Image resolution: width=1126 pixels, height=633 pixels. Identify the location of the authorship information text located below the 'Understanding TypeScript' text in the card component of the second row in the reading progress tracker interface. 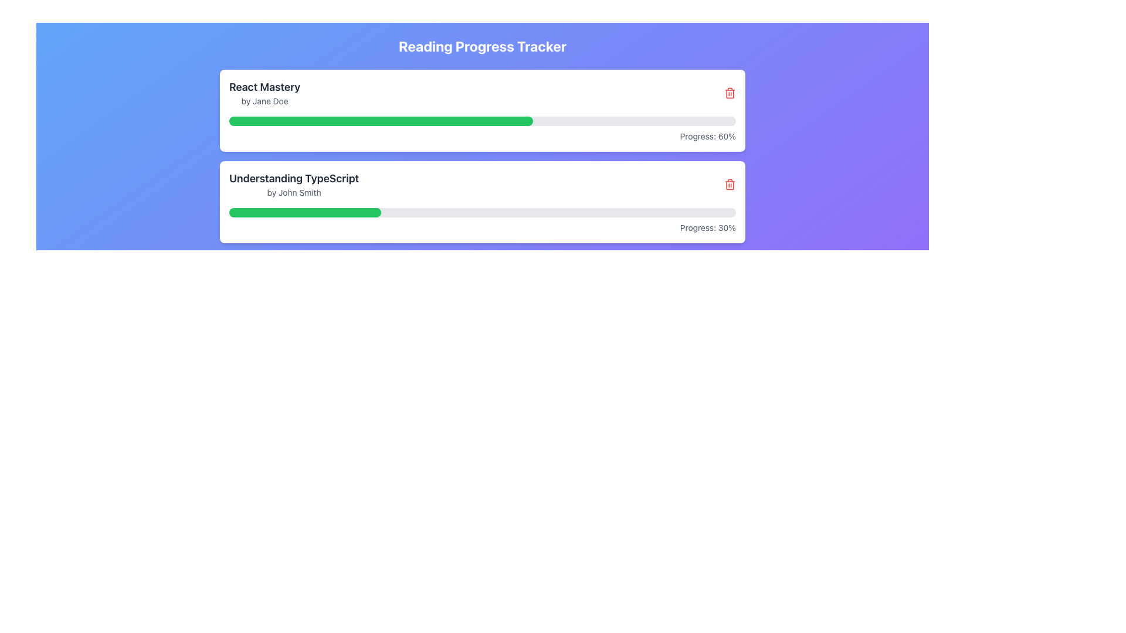
(294, 192).